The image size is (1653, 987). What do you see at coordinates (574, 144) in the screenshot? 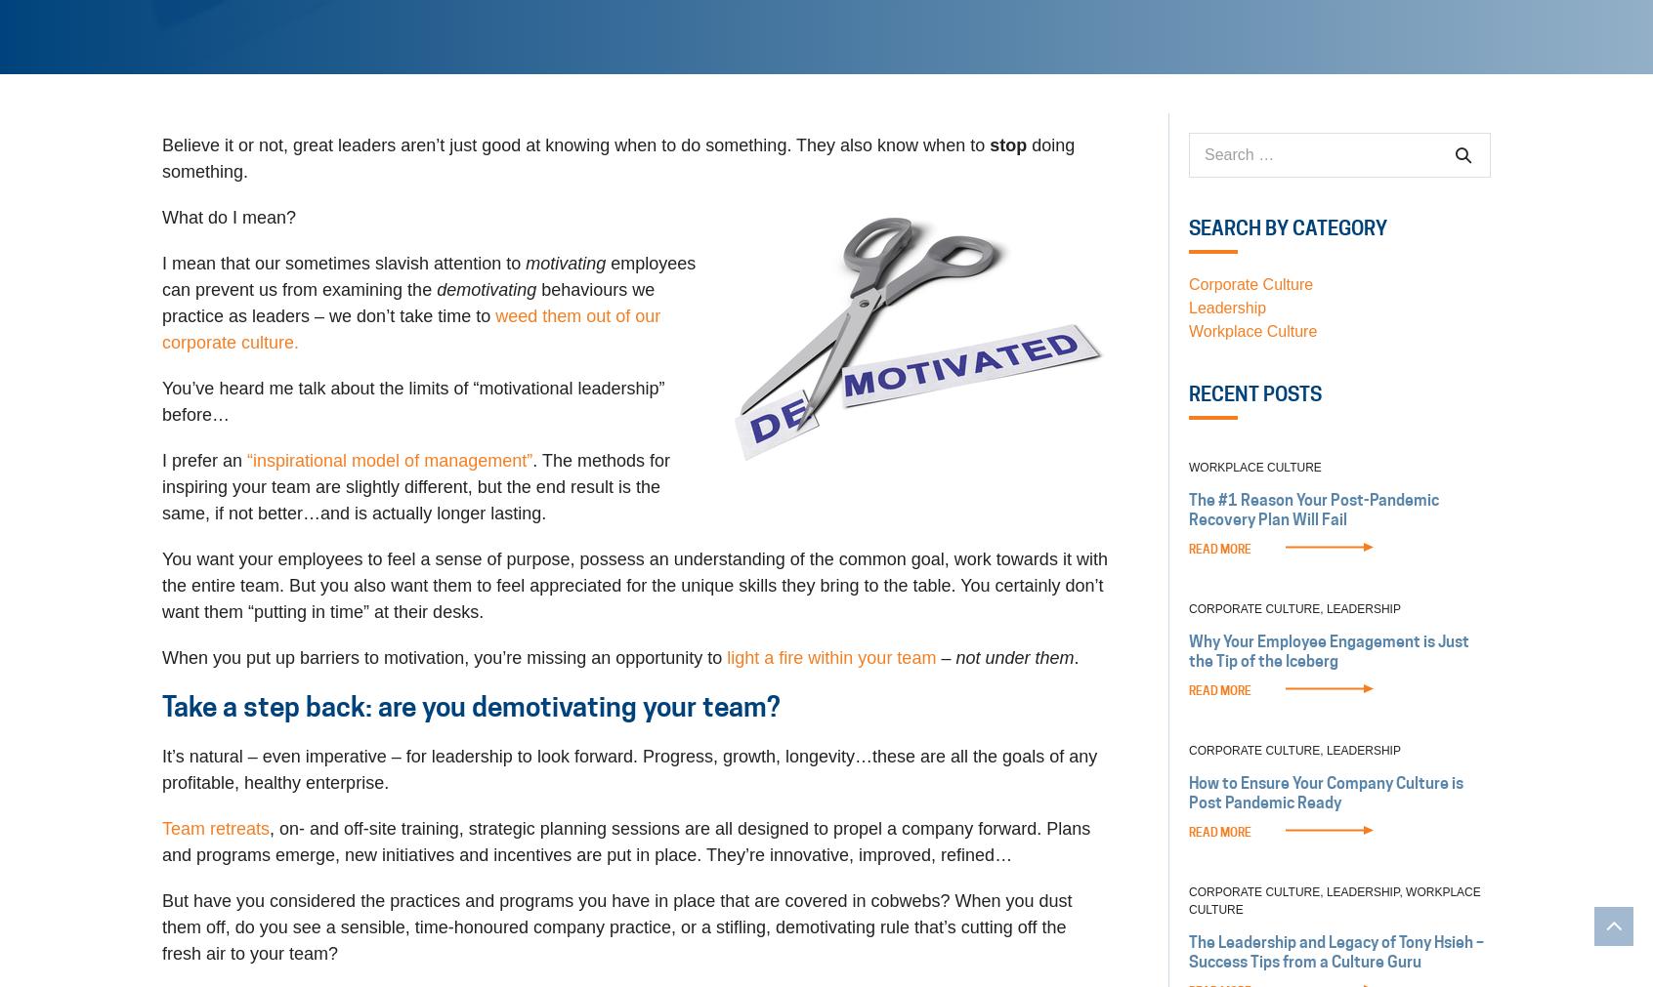
I see `'Believe it or not, great leaders aren’t just good at knowing when to do something. They also know when to'` at bounding box center [574, 144].